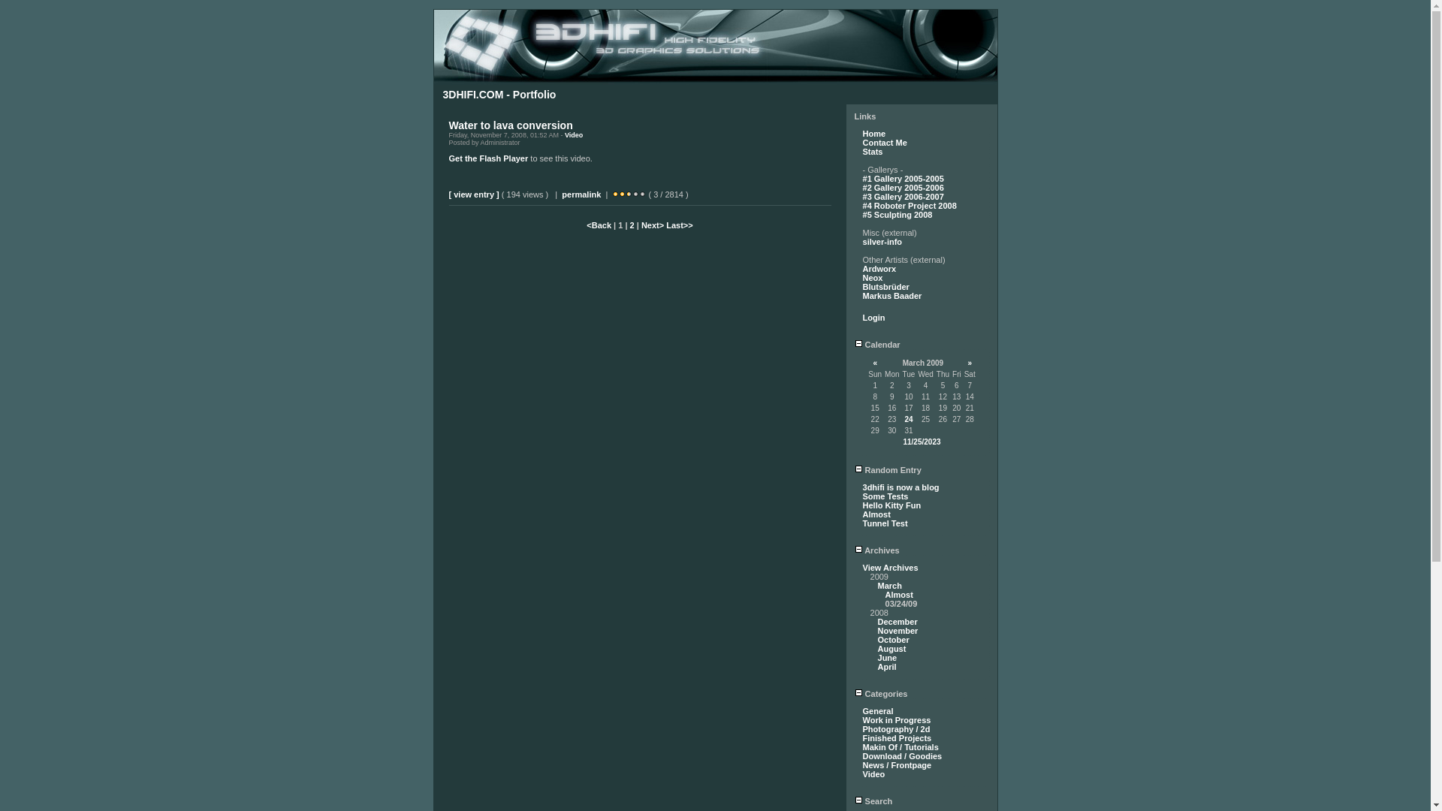 The width and height of the screenshot is (1442, 811). Describe the element at coordinates (897, 631) in the screenshot. I see `'November'` at that location.